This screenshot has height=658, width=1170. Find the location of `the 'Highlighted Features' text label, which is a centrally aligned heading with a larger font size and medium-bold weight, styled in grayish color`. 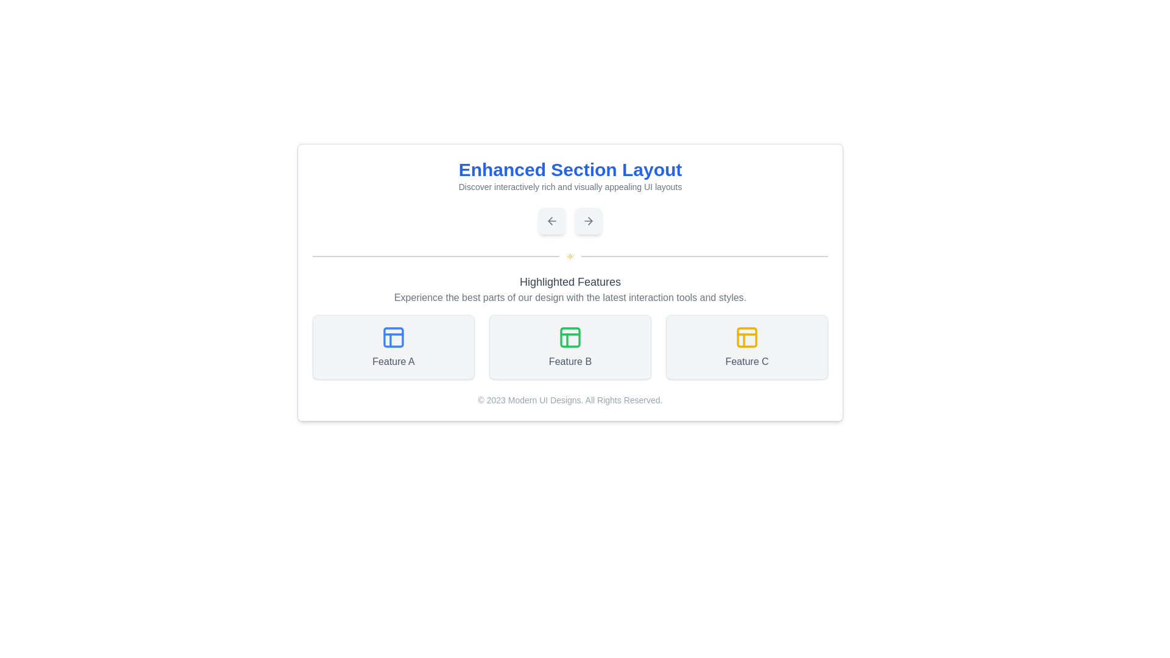

the 'Highlighted Features' text label, which is a centrally aligned heading with a larger font size and medium-bold weight, styled in grayish color is located at coordinates (570, 281).